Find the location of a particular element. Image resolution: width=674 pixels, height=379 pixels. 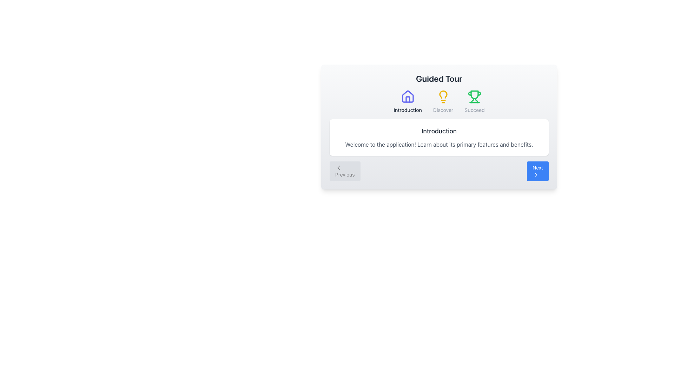

the 'Previous' button located at the bottom-left corner of the navigation section is located at coordinates (345, 171).